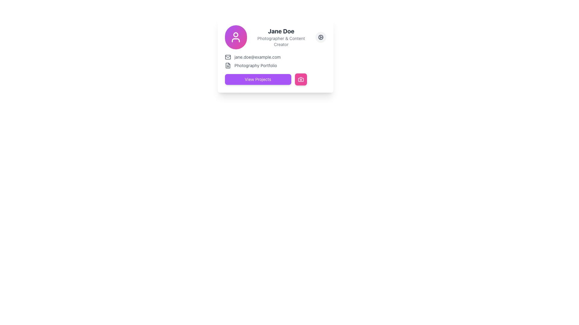  What do you see at coordinates (281, 41) in the screenshot?
I see `the text label that reads 'Photographer & Content Creator'` at bounding box center [281, 41].